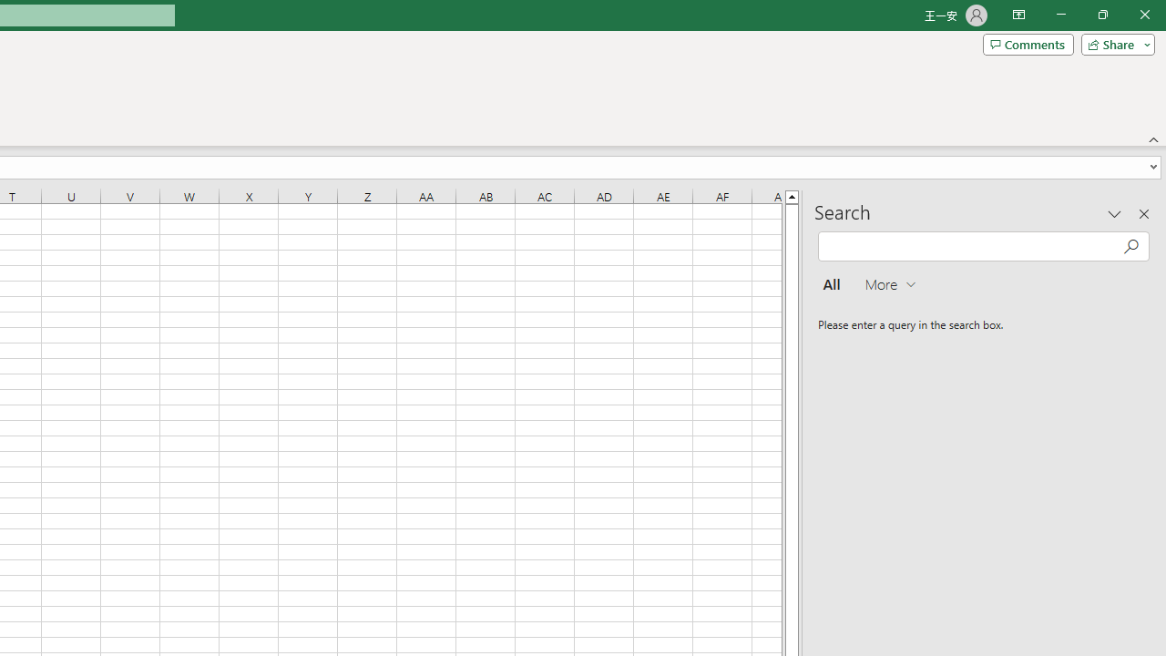 This screenshot has width=1166, height=656. What do you see at coordinates (1060, 15) in the screenshot?
I see `'Minimize'` at bounding box center [1060, 15].